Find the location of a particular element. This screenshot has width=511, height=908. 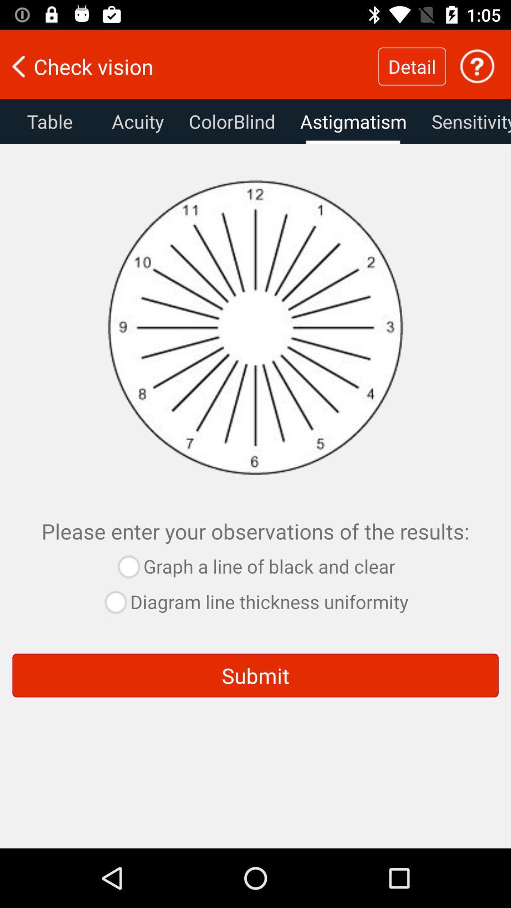

the diagram line thickness uniformity button is located at coordinates (255, 601).